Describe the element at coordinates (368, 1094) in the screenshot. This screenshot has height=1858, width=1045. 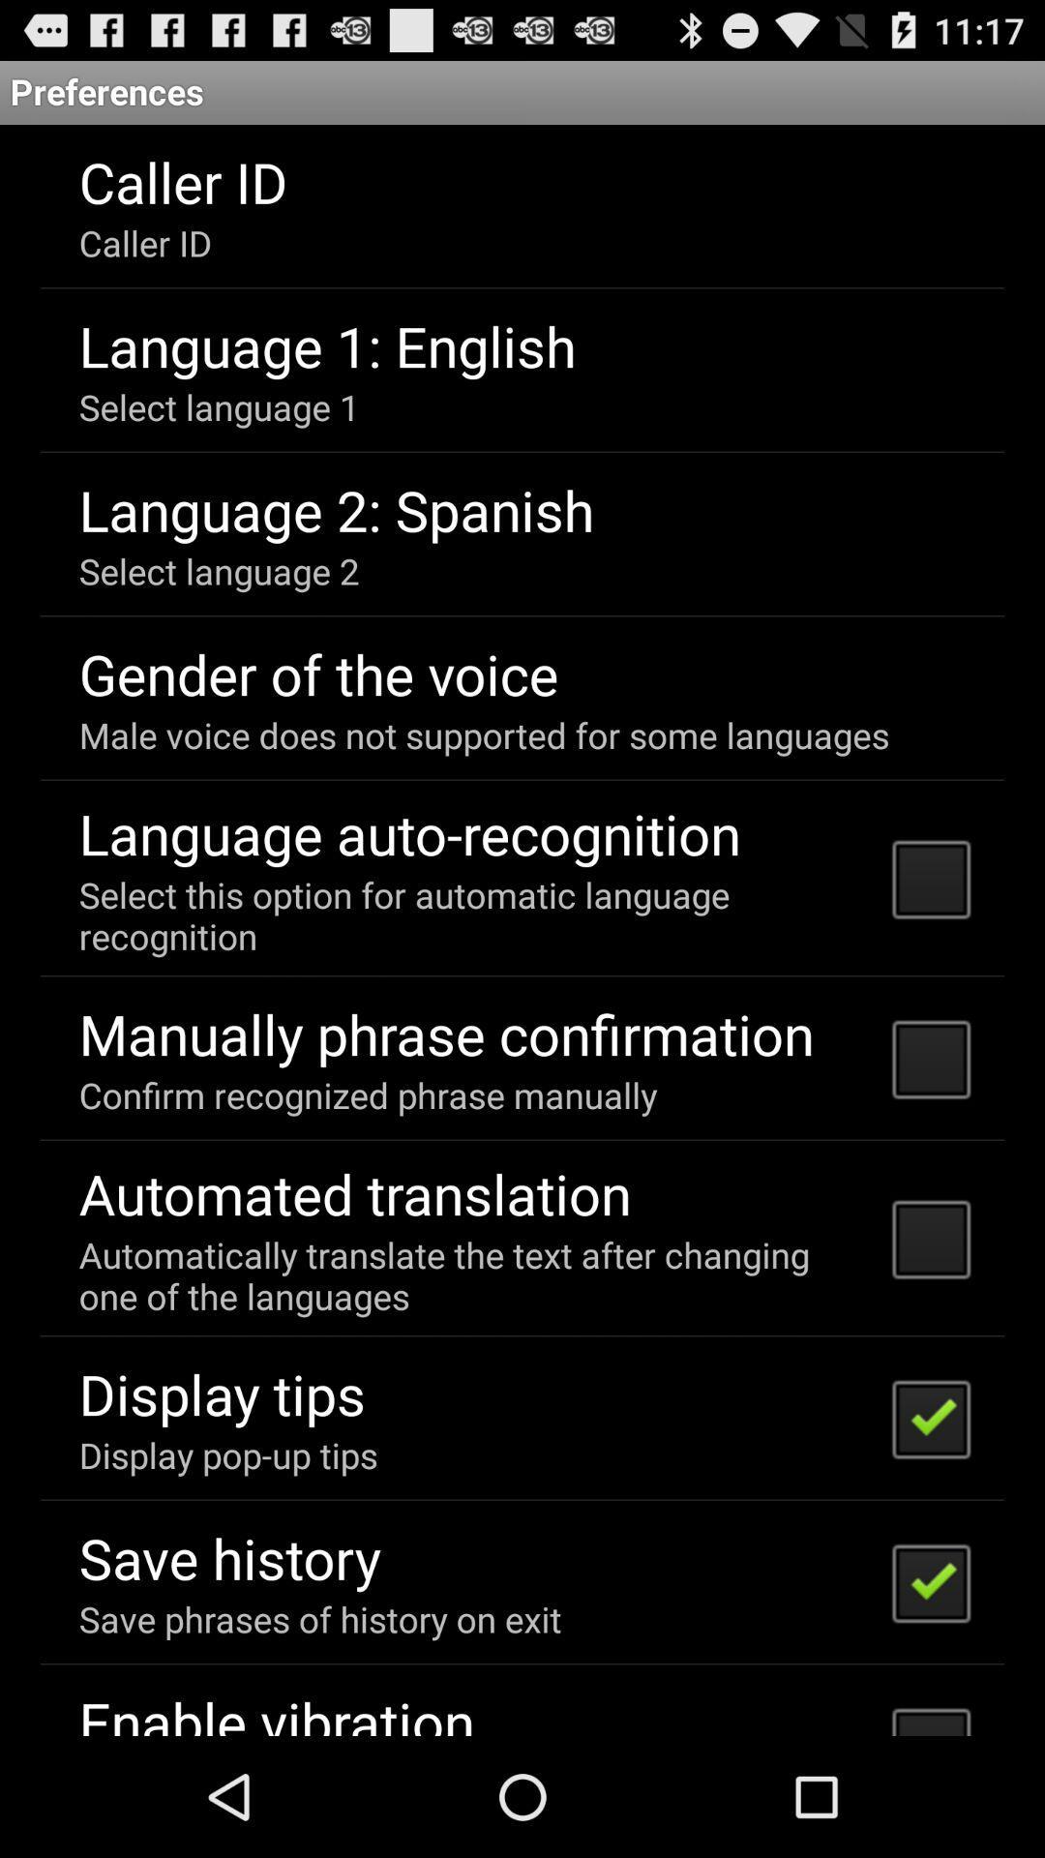
I see `the icon above automated translation icon` at that location.